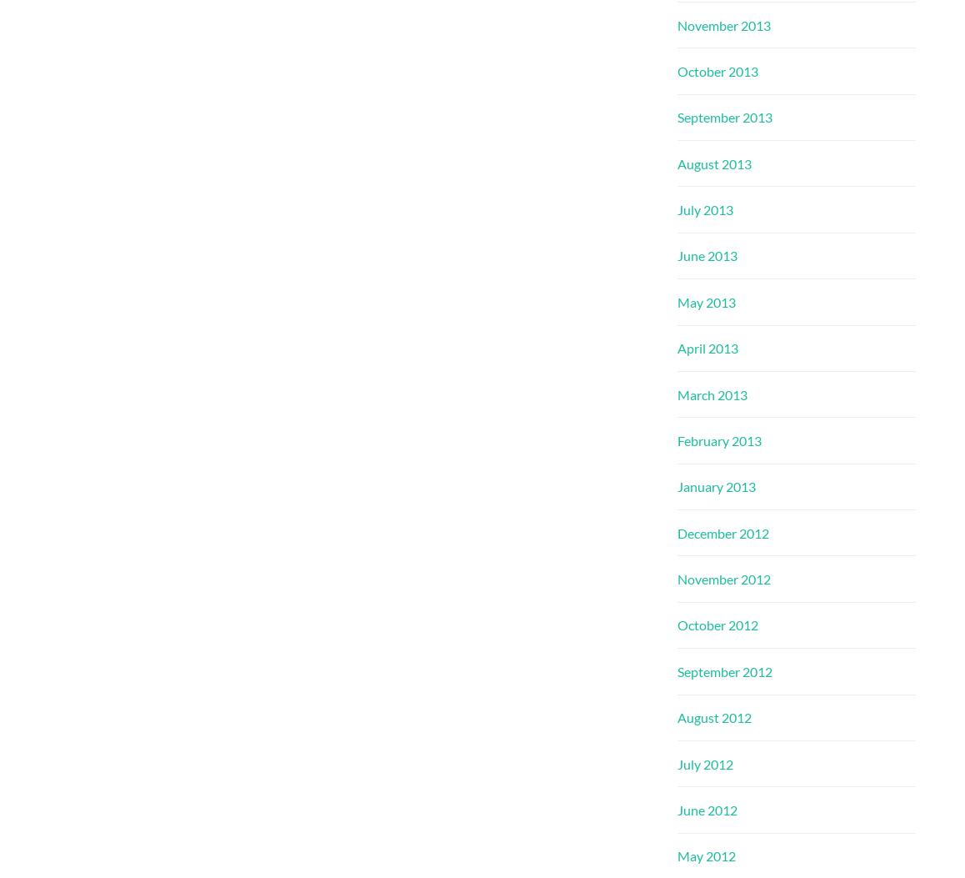 This screenshot has height=878, width=965. What do you see at coordinates (677, 486) in the screenshot?
I see `'January 2013'` at bounding box center [677, 486].